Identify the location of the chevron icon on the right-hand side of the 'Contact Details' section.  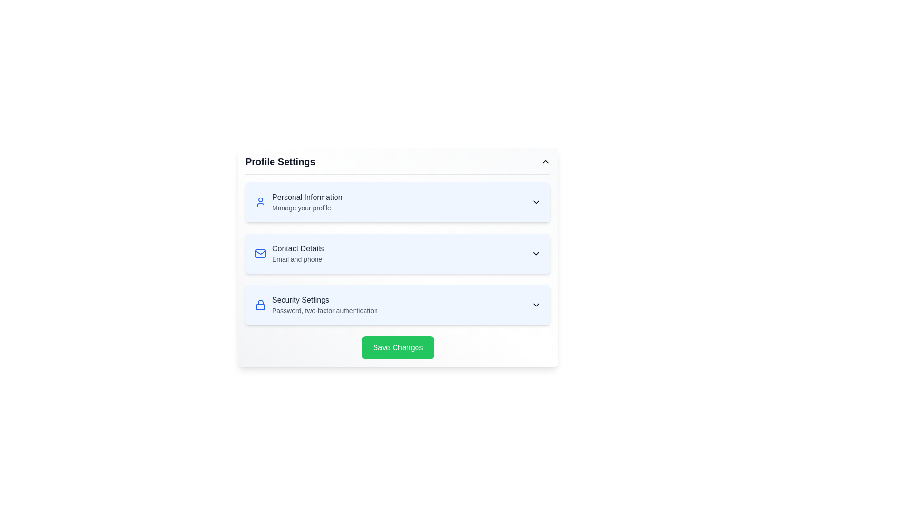
(536, 253).